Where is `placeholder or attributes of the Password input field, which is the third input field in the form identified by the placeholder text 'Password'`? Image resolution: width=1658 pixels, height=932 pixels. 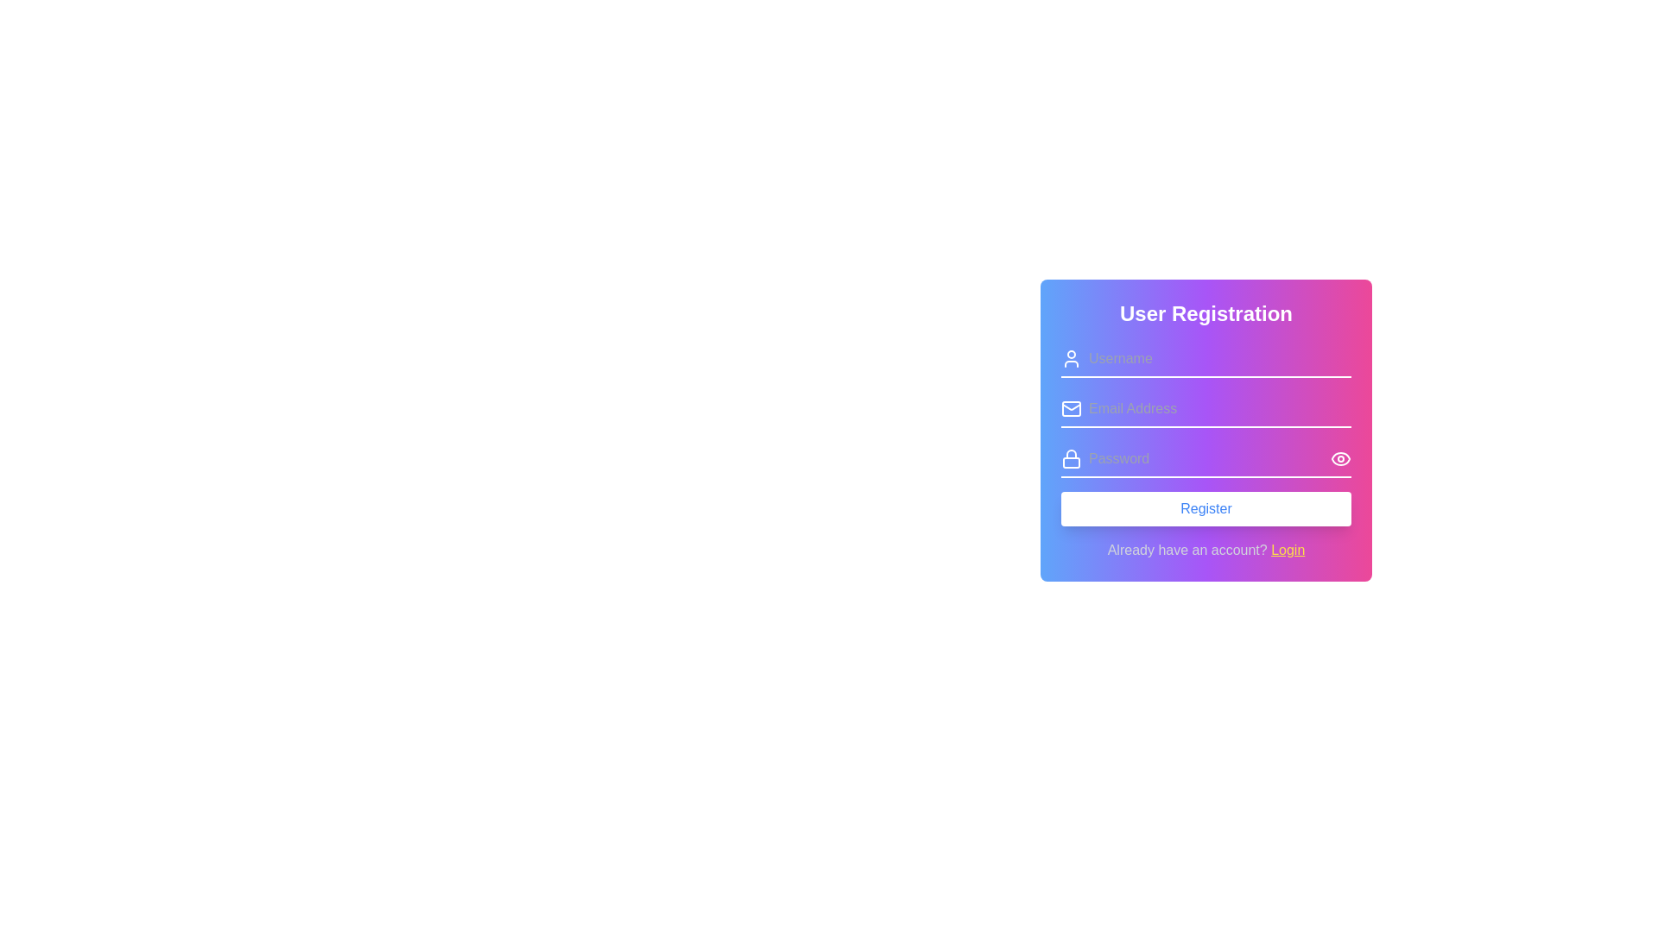 placeholder or attributes of the Password input field, which is the third input field in the form identified by the placeholder text 'Password' is located at coordinates (1205, 458).